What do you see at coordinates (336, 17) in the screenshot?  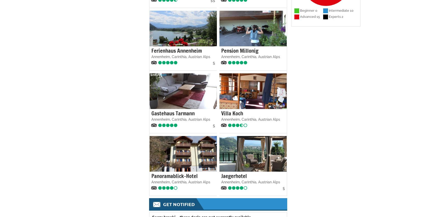 I see `'Experts 2'` at bounding box center [336, 17].